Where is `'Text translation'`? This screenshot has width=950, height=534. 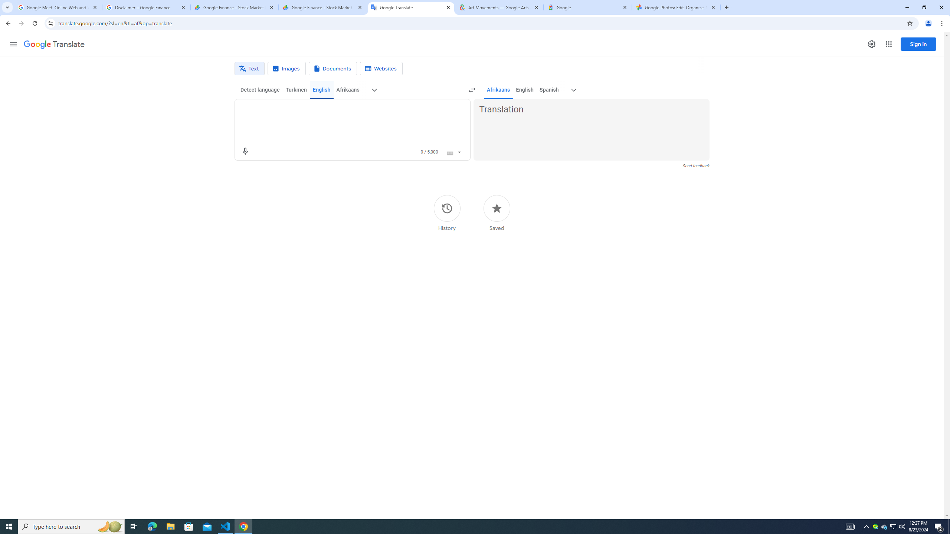
'Text translation' is located at coordinates (249, 68).